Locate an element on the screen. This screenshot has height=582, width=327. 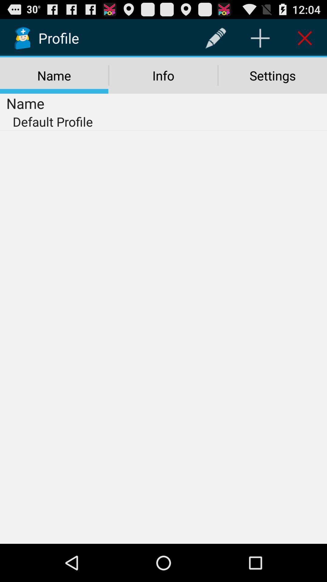
info is located at coordinates (163, 75).